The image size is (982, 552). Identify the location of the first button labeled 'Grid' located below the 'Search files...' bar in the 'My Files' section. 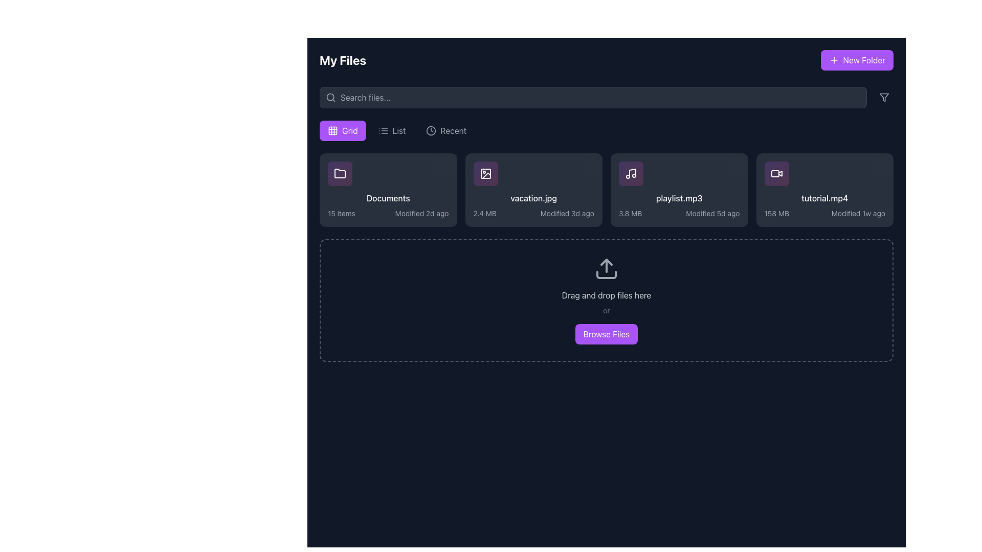
(343, 130).